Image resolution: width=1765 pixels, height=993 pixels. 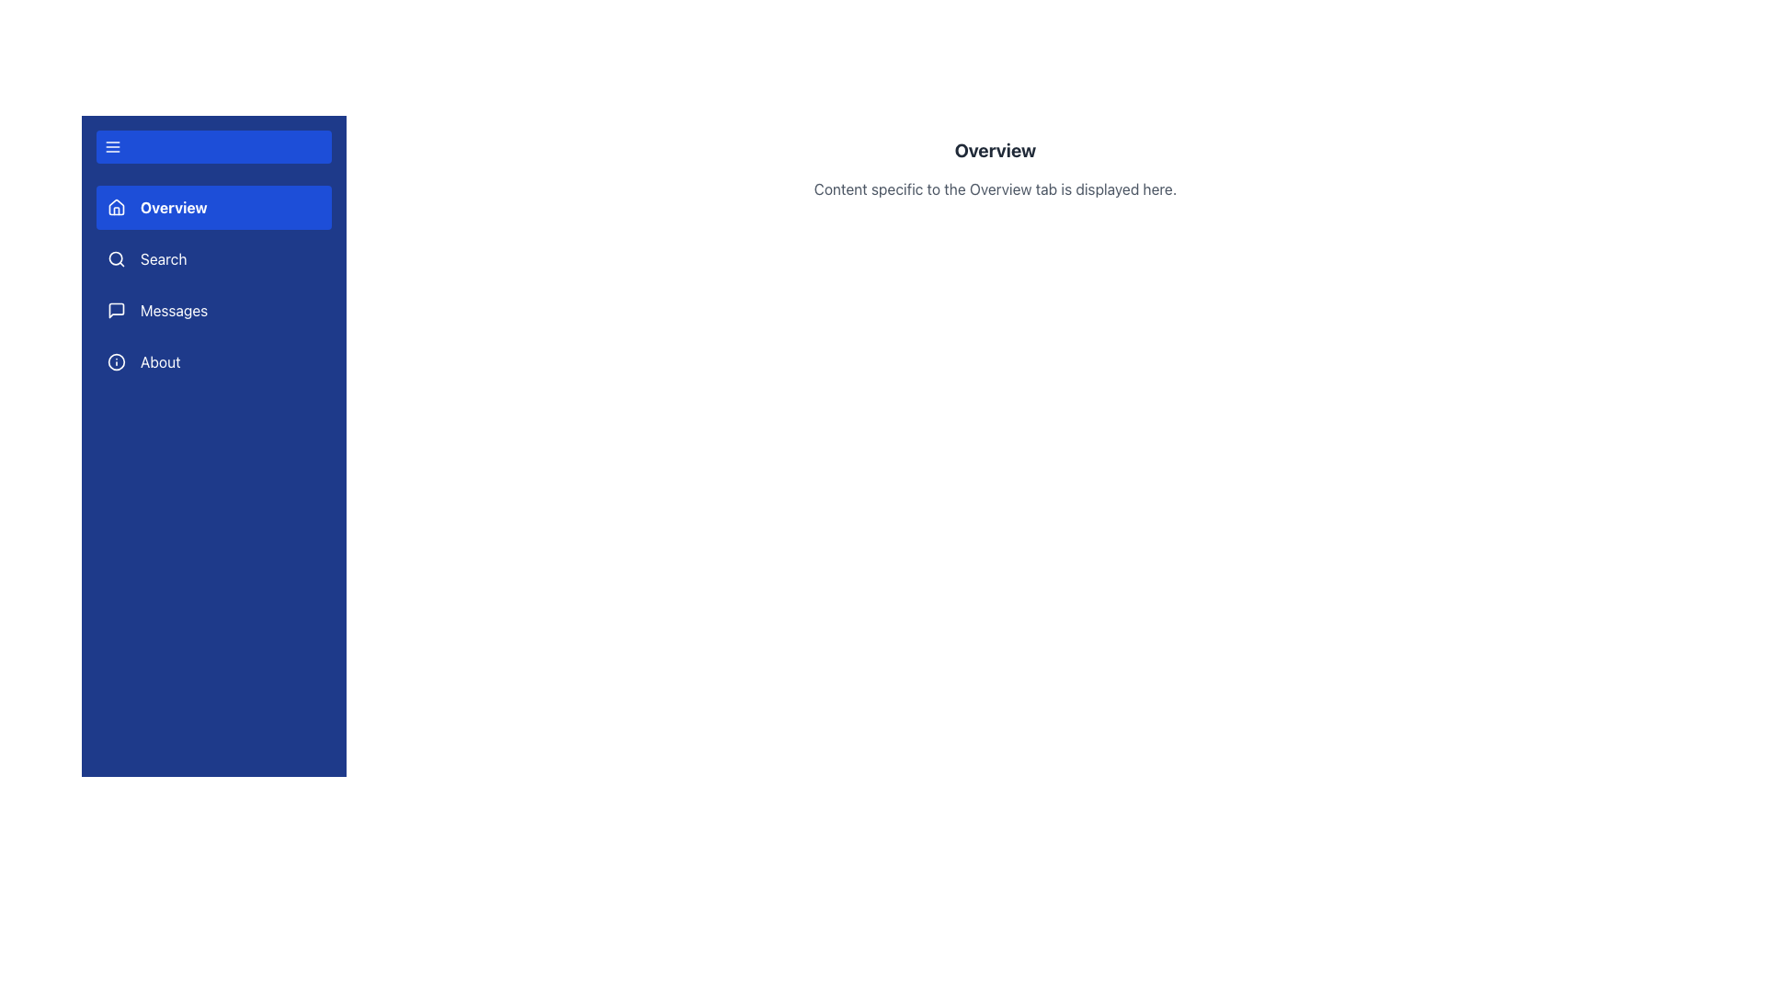 I want to click on information presented in the light gray text label stating 'Content specific to the Overview tab is displayed here.' which is located directly below the bold 'Overview' header, so click(x=995, y=188).